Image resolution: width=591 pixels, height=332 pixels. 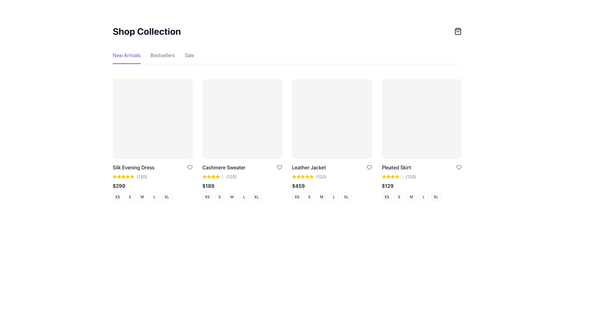 What do you see at coordinates (131, 176) in the screenshot?
I see `the leftmost yellow star icon used for rating the product 'Silk Evening Dress' to provide a rating` at bounding box center [131, 176].